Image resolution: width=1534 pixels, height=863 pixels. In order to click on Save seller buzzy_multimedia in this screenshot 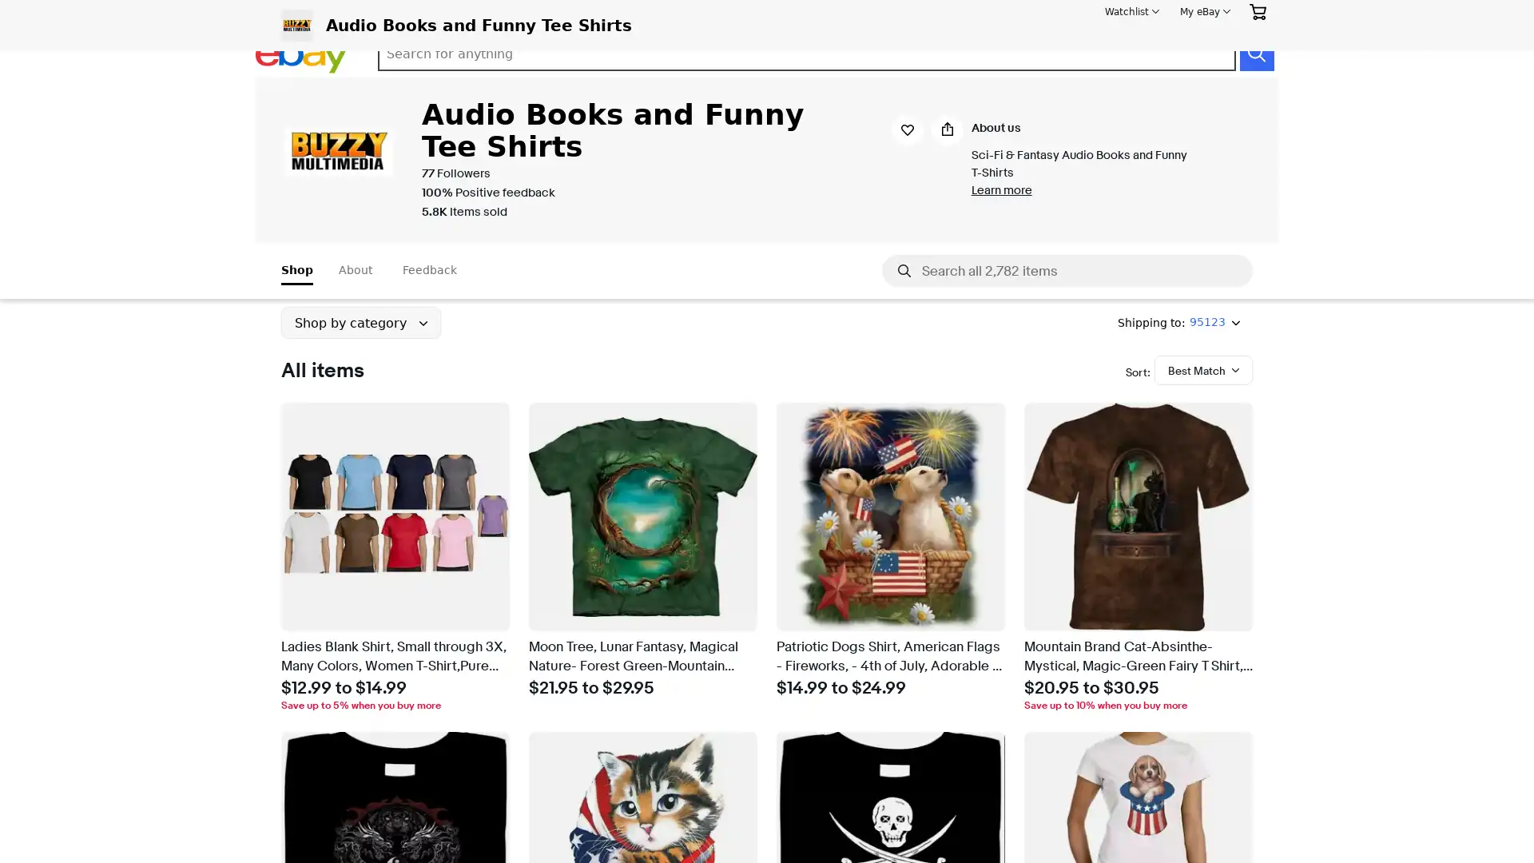, I will do `click(660, 25)`.